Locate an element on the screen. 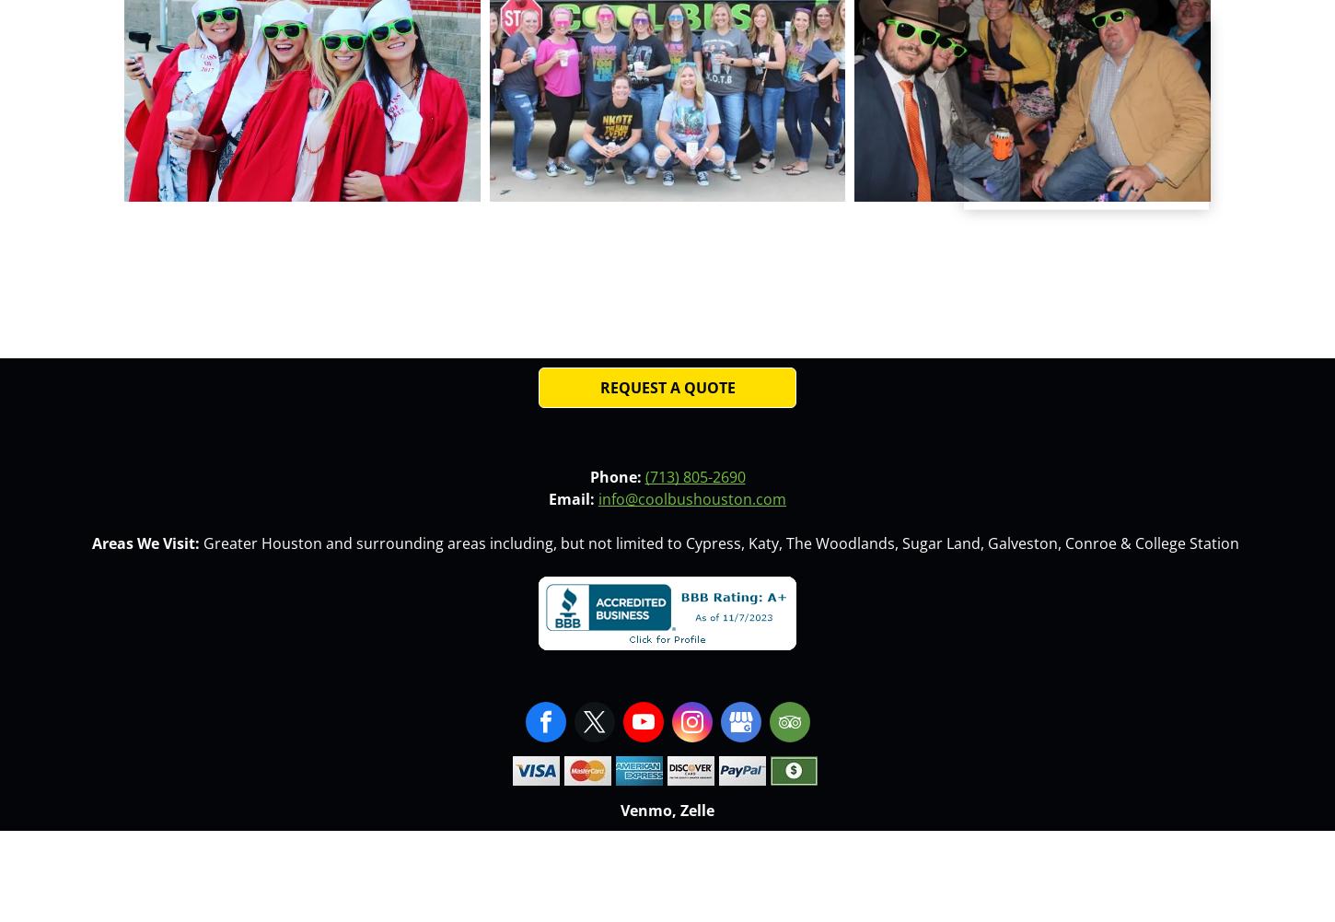 The height and width of the screenshot is (922, 1335). 'Email:' is located at coordinates (571, 497).